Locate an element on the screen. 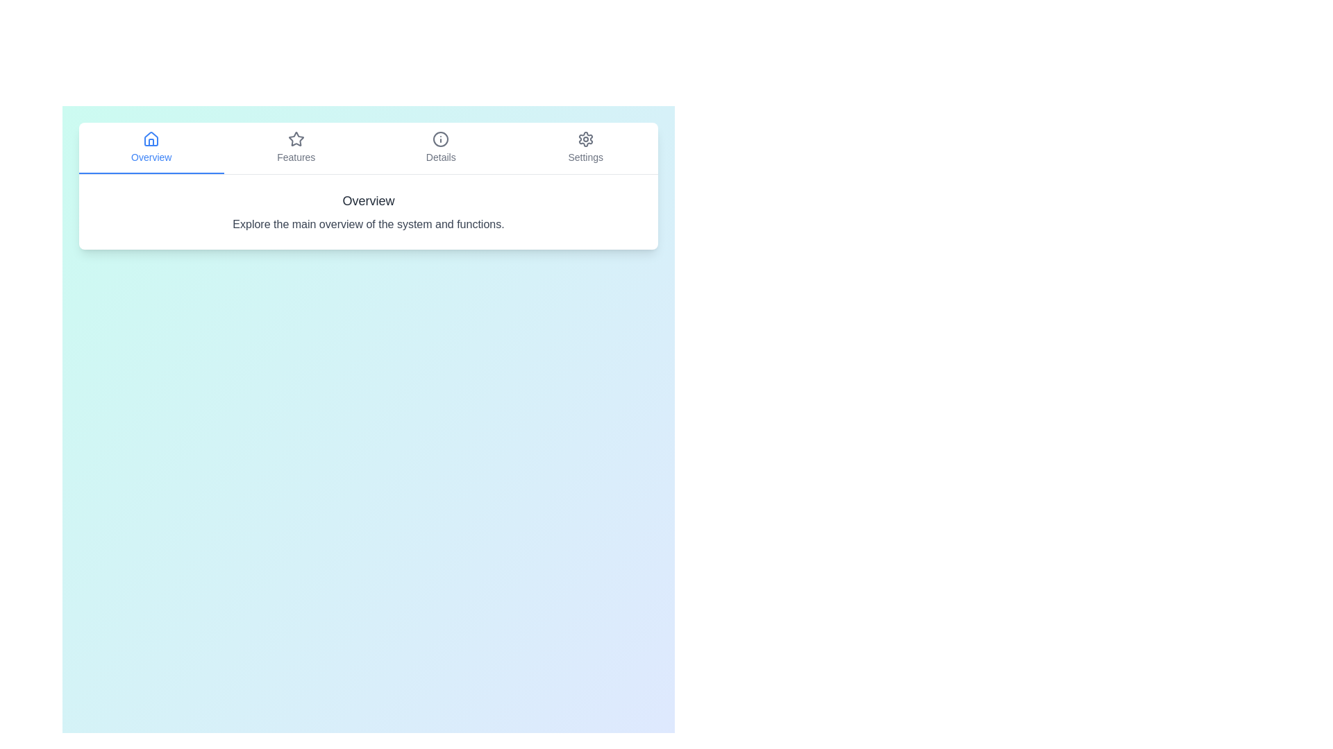 The image size is (1333, 749). the tab labeled Features is located at coordinates (296, 148).